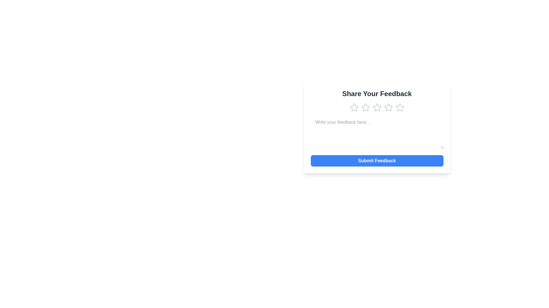 The width and height of the screenshot is (549, 308). I want to click on the third star button in the rating system, so click(377, 108).